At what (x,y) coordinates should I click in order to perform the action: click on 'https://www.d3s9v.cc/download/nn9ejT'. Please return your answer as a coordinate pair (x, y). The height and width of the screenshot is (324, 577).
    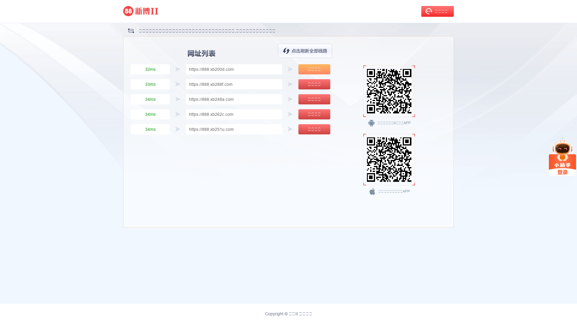
    Looking at the image, I should click on (389, 91).